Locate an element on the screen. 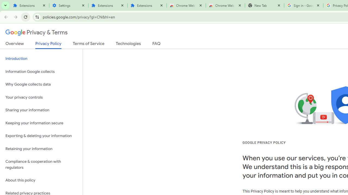  'Exporting & deleting your information' is located at coordinates (41, 136).